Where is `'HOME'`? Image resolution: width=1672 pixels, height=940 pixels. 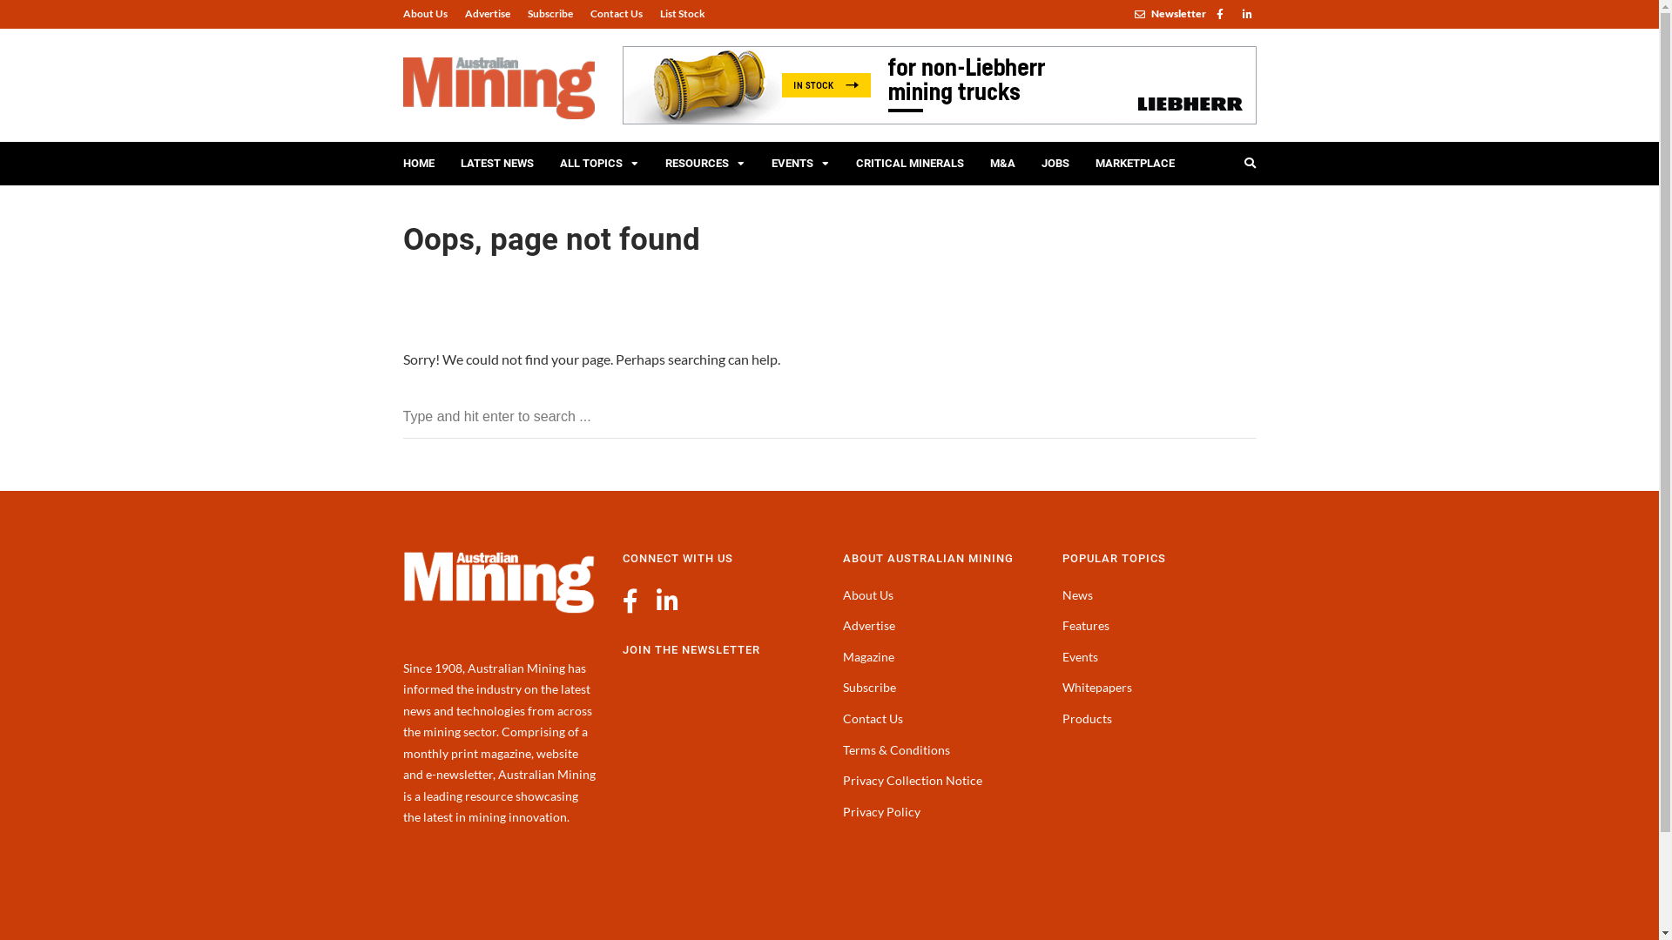
'HOME' is located at coordinates (418, 164).